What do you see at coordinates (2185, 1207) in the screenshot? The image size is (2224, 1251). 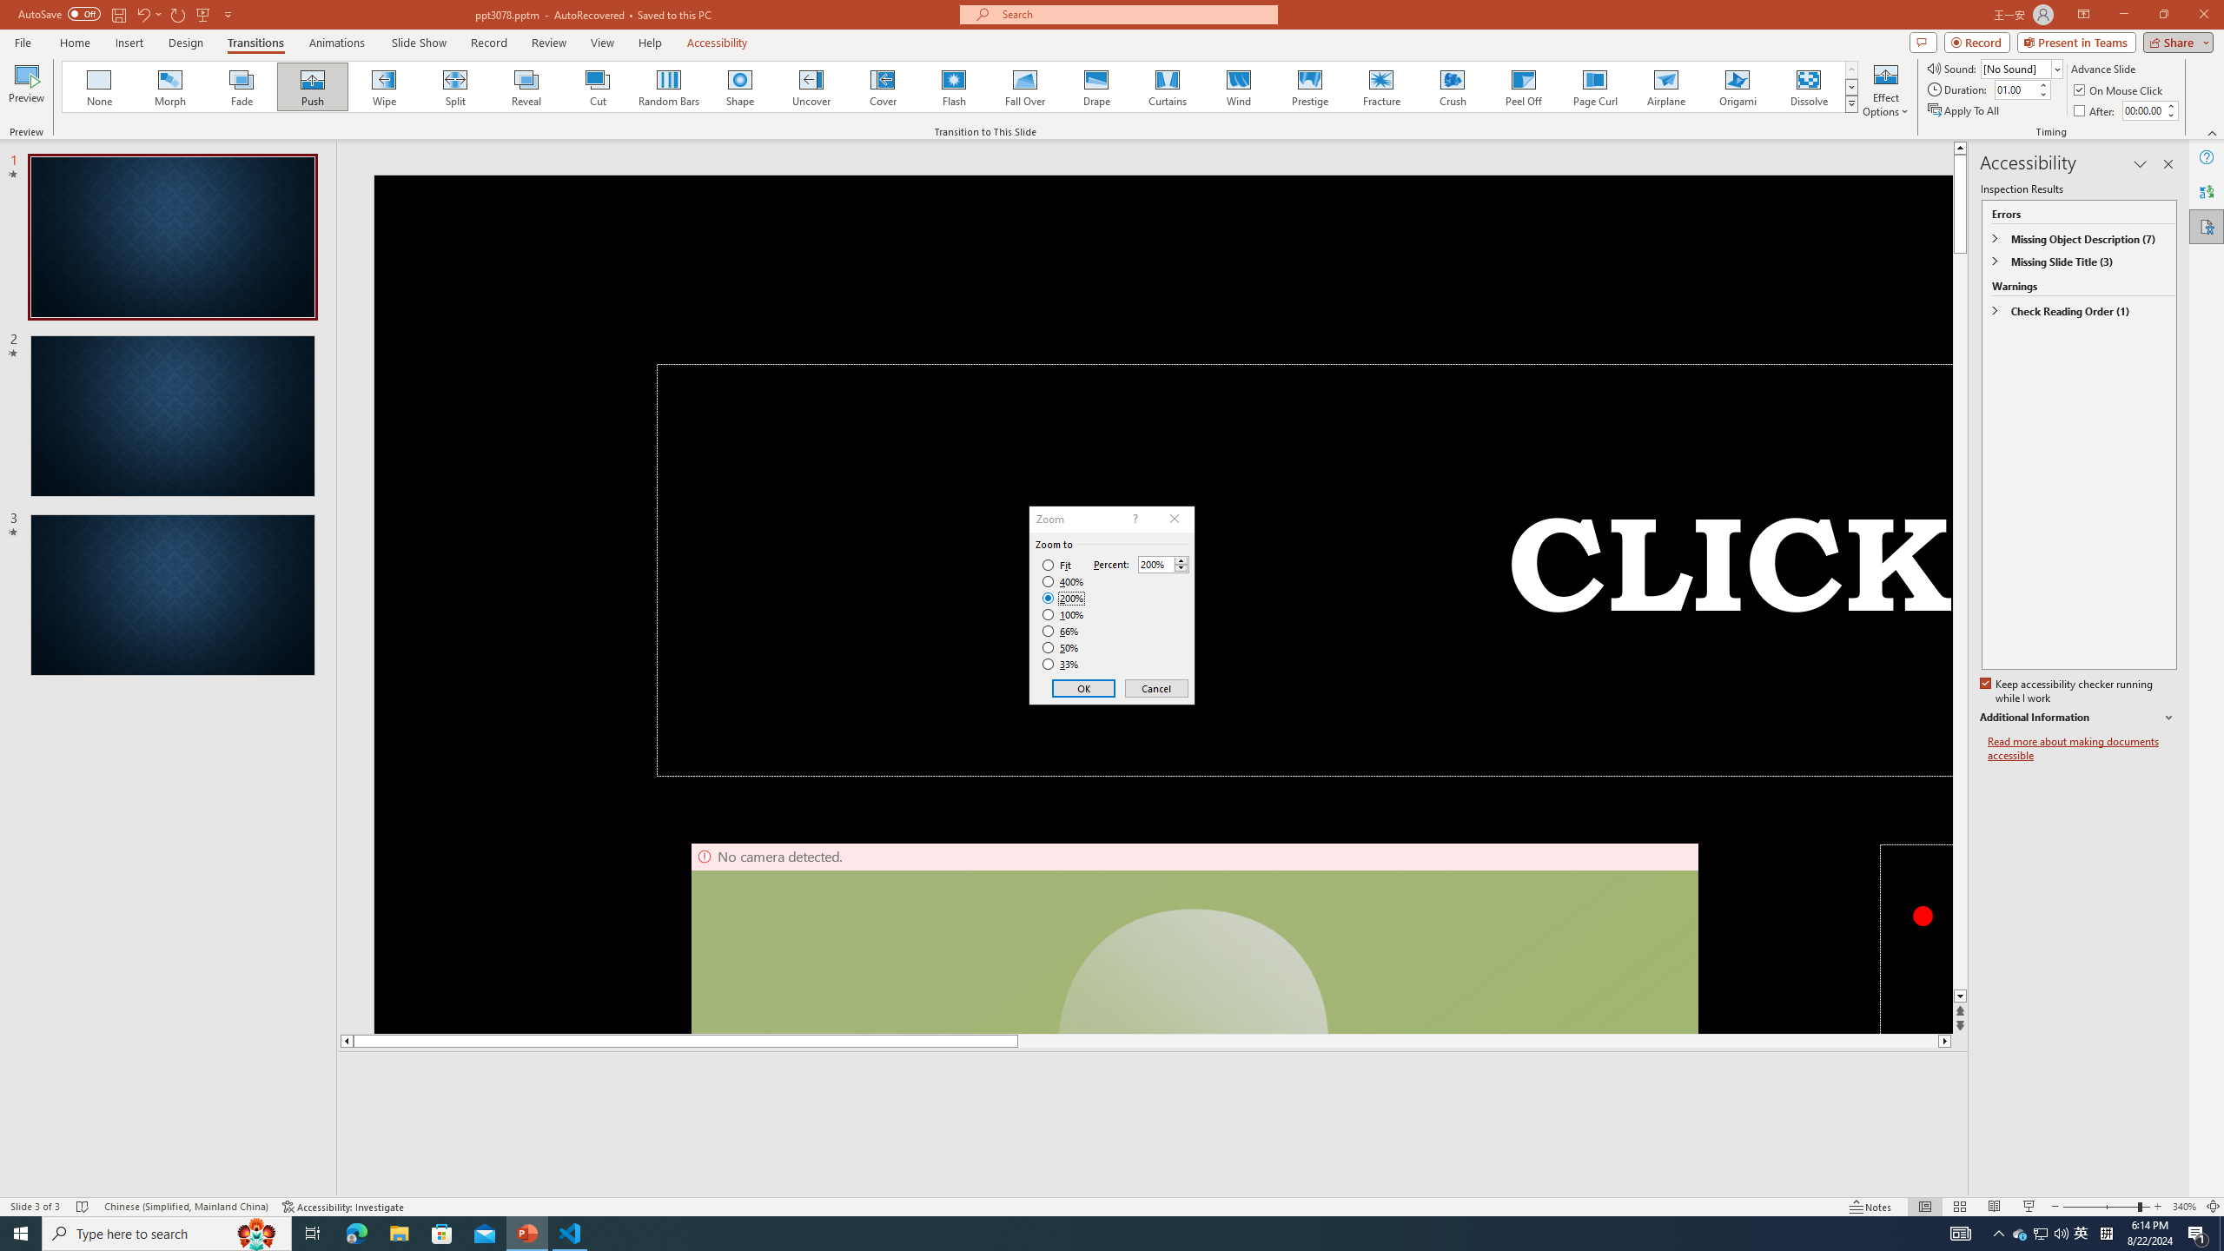 I see `'Zoom 340%'` at bounding box center [2185, 1207].